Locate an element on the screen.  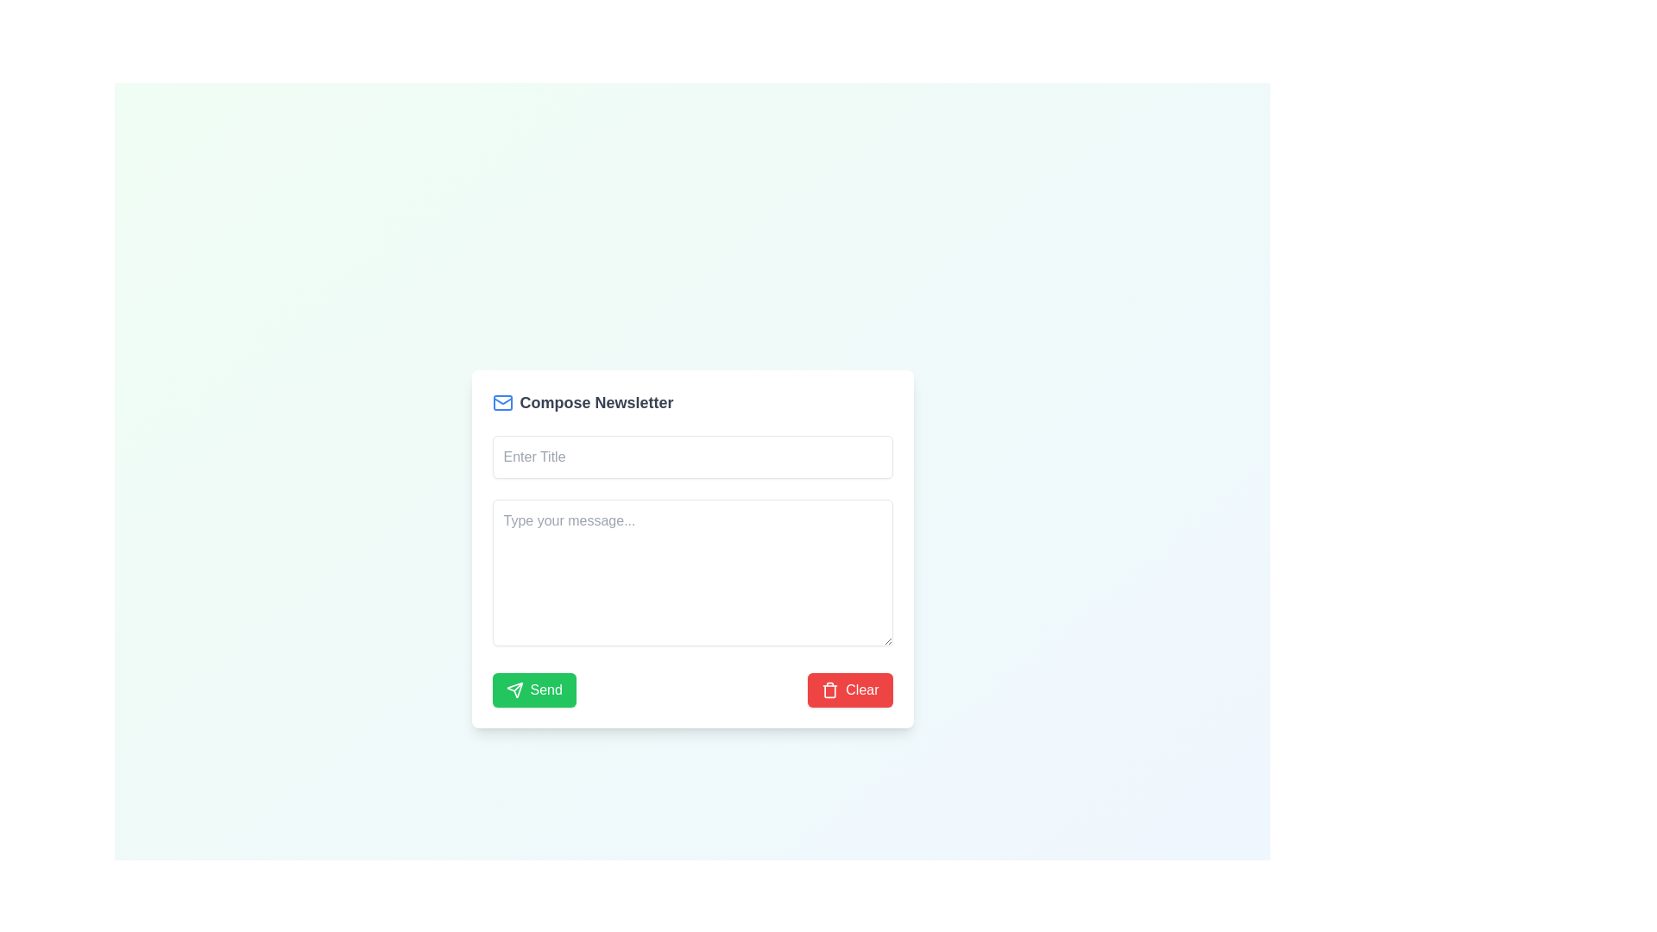
the 'Clear' button with a flat red background and white text is located at coordinates (850, 689).